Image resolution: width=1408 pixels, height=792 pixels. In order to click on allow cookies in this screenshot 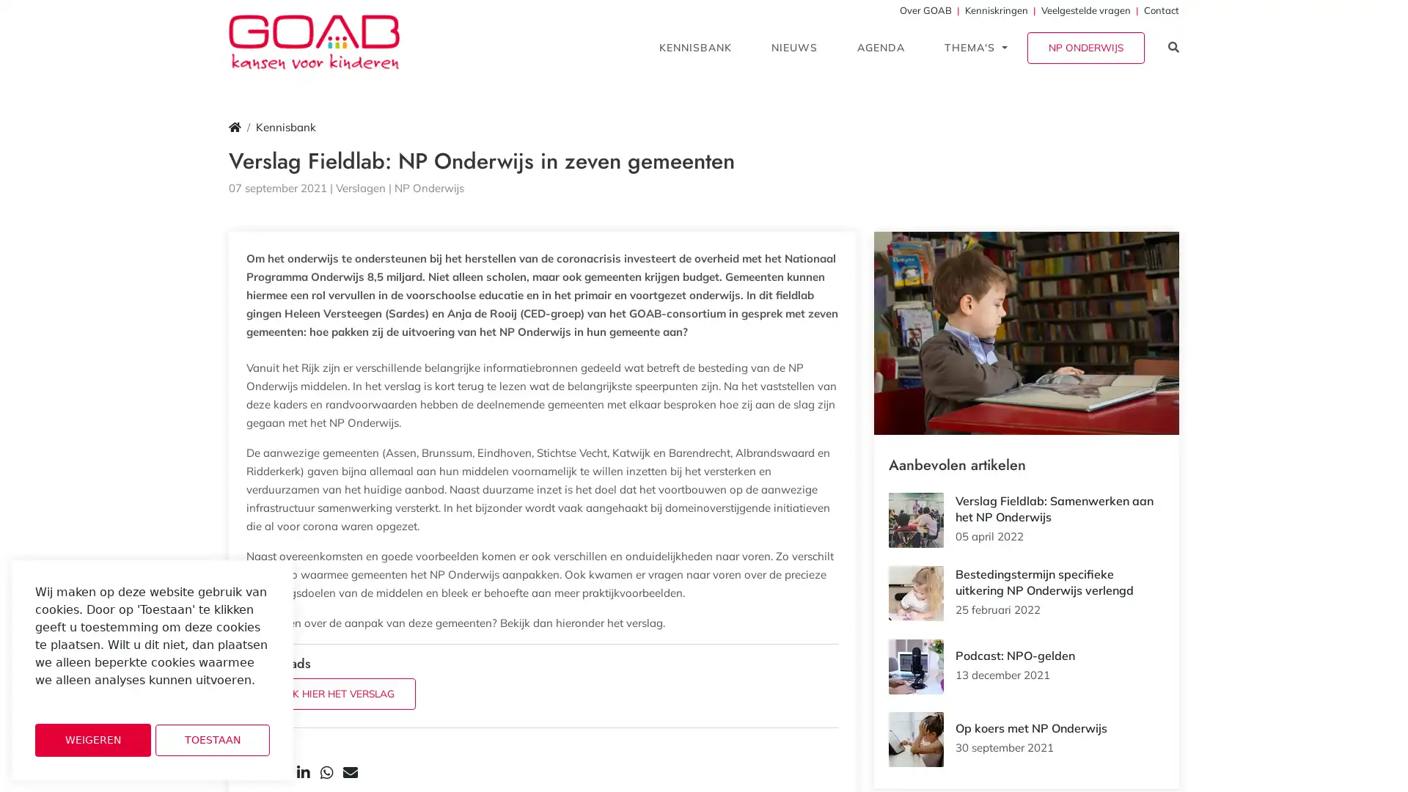, I will do `click(211, 740)`.